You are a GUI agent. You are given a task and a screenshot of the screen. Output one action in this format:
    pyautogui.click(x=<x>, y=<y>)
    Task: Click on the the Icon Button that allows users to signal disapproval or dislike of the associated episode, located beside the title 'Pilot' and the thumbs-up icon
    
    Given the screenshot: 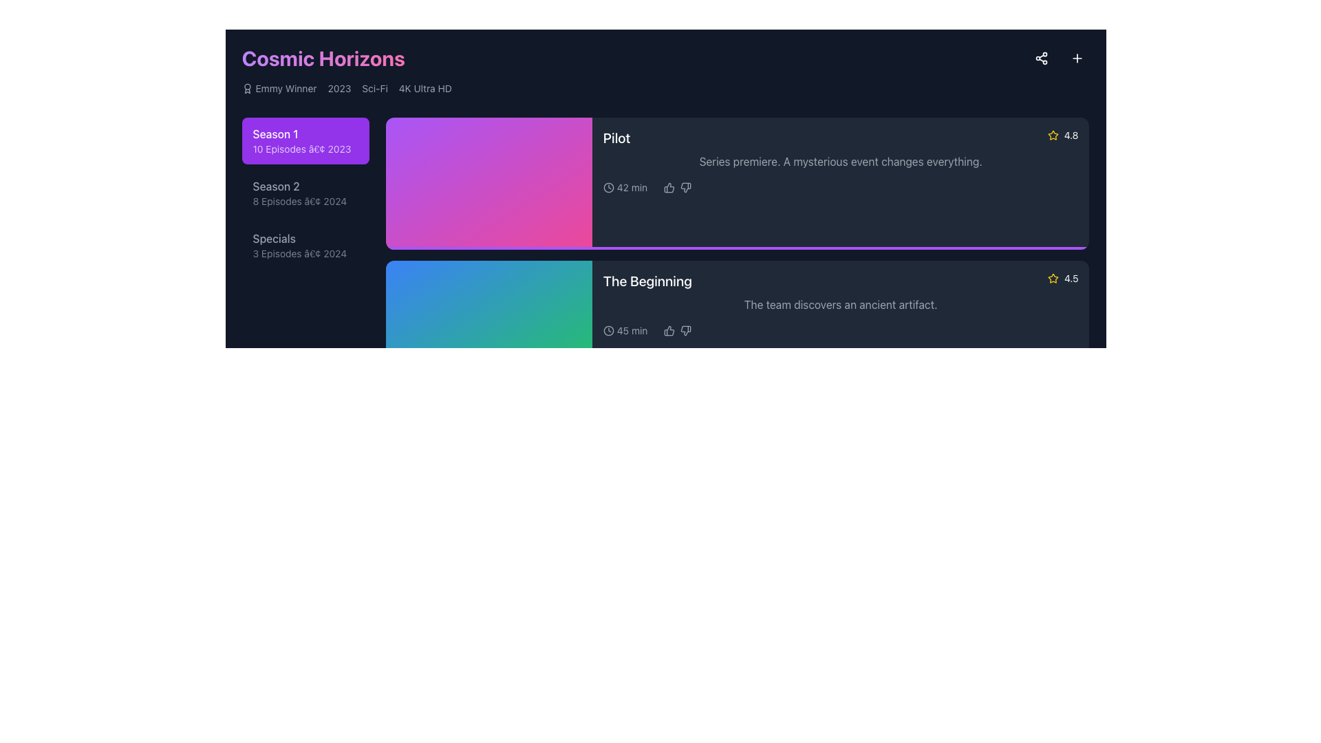 What is the action you would take?
    pyautogui.click(x=686, y=188)
    